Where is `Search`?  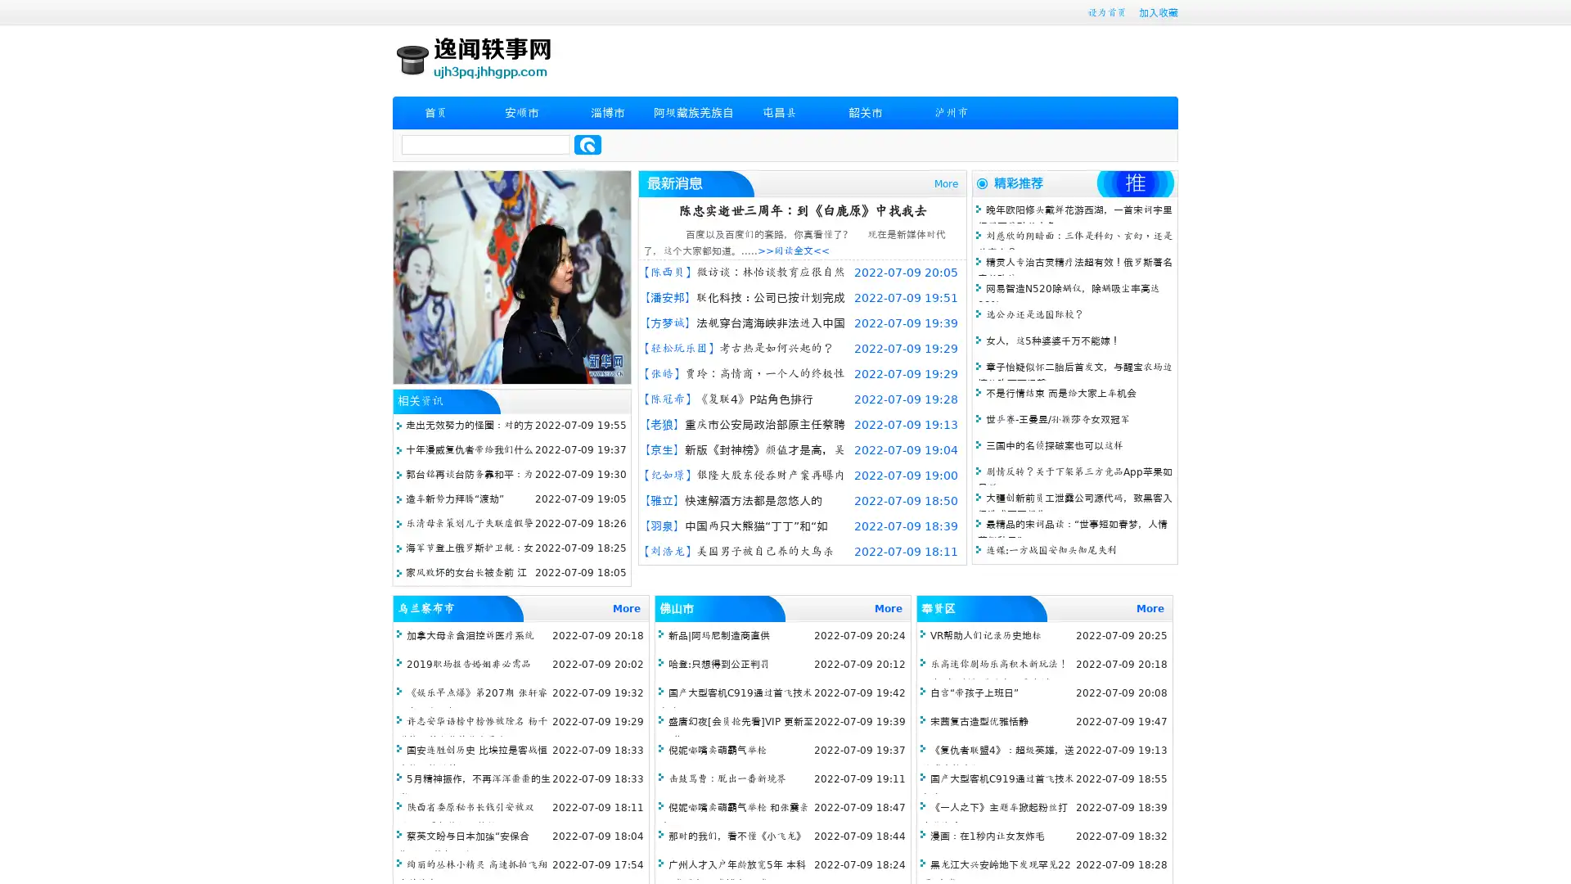
Search is located at coordinates (587, 144).